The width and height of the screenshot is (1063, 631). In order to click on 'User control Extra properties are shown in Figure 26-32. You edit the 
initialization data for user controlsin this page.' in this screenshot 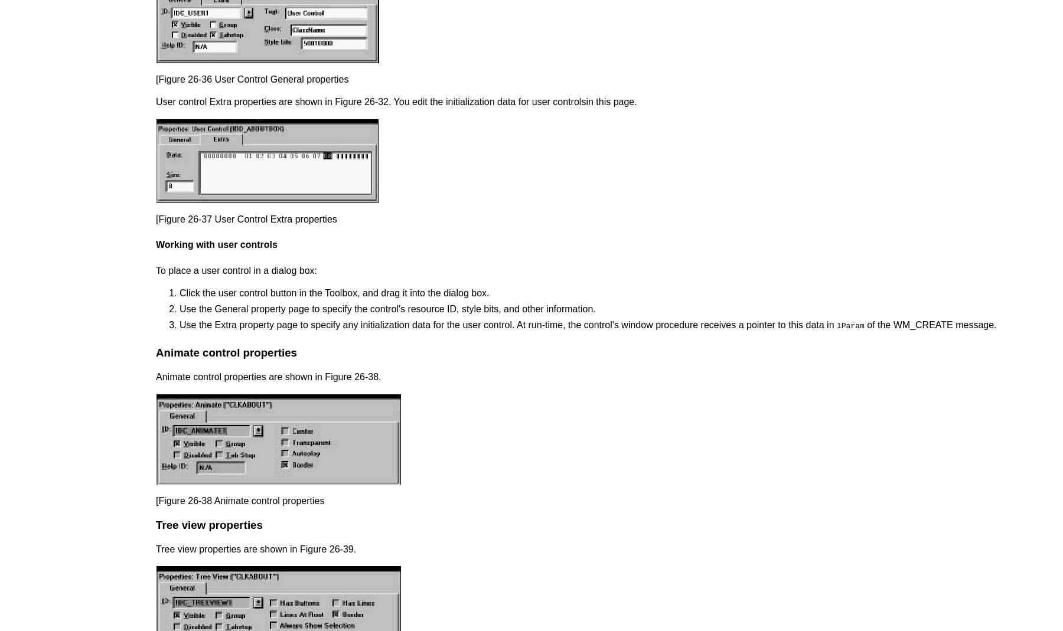, I will do `click(396, 102)`.